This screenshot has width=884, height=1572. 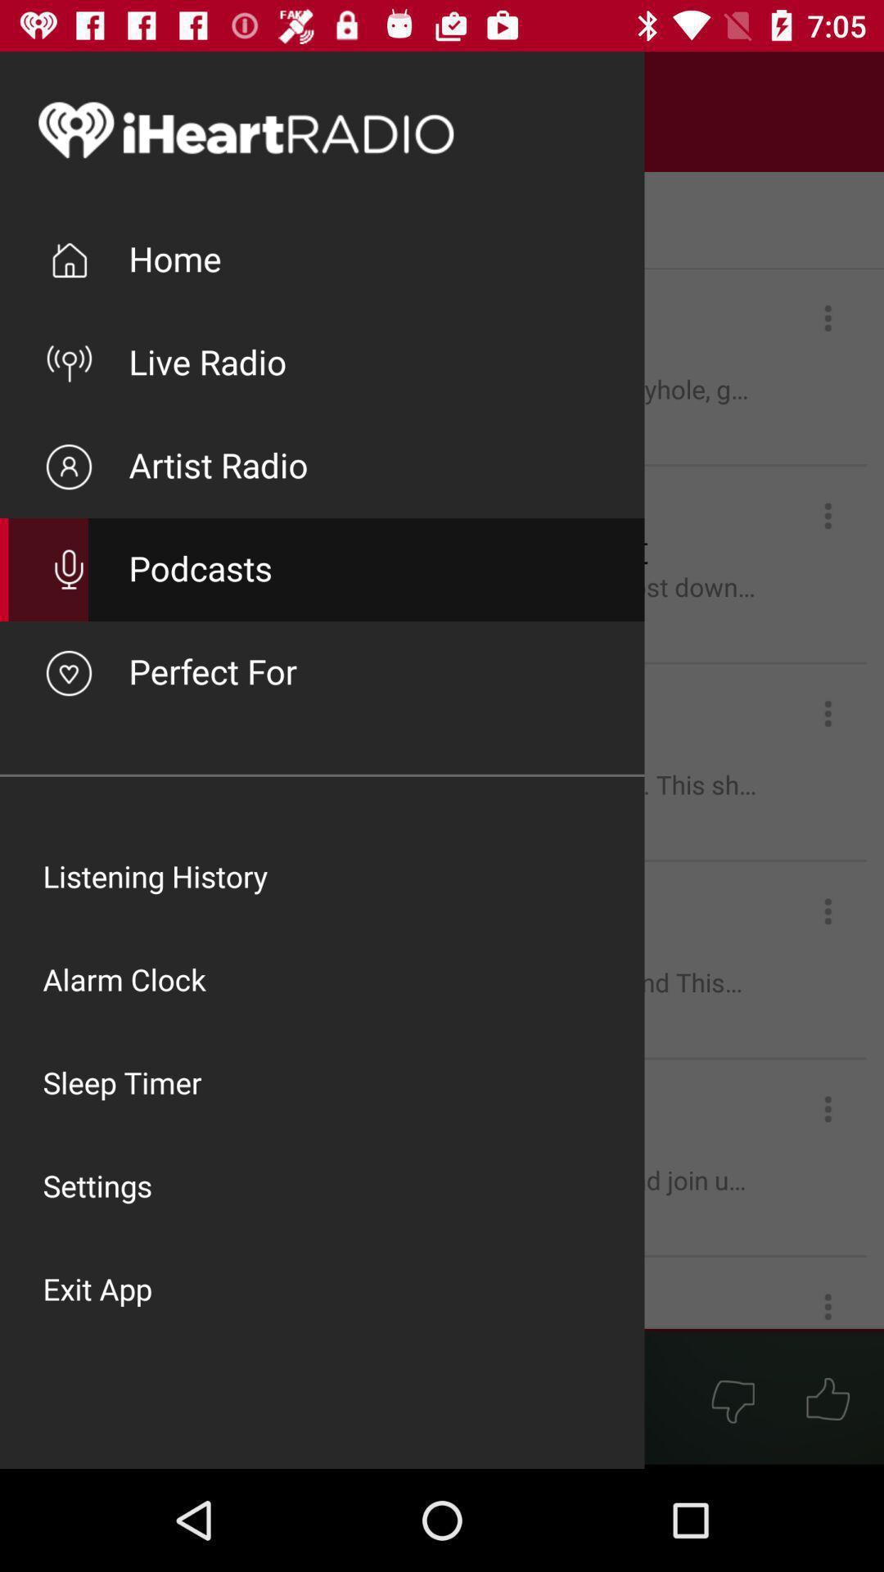 I want to click on the thumbs_up icon, so click(x=828, y=1398).